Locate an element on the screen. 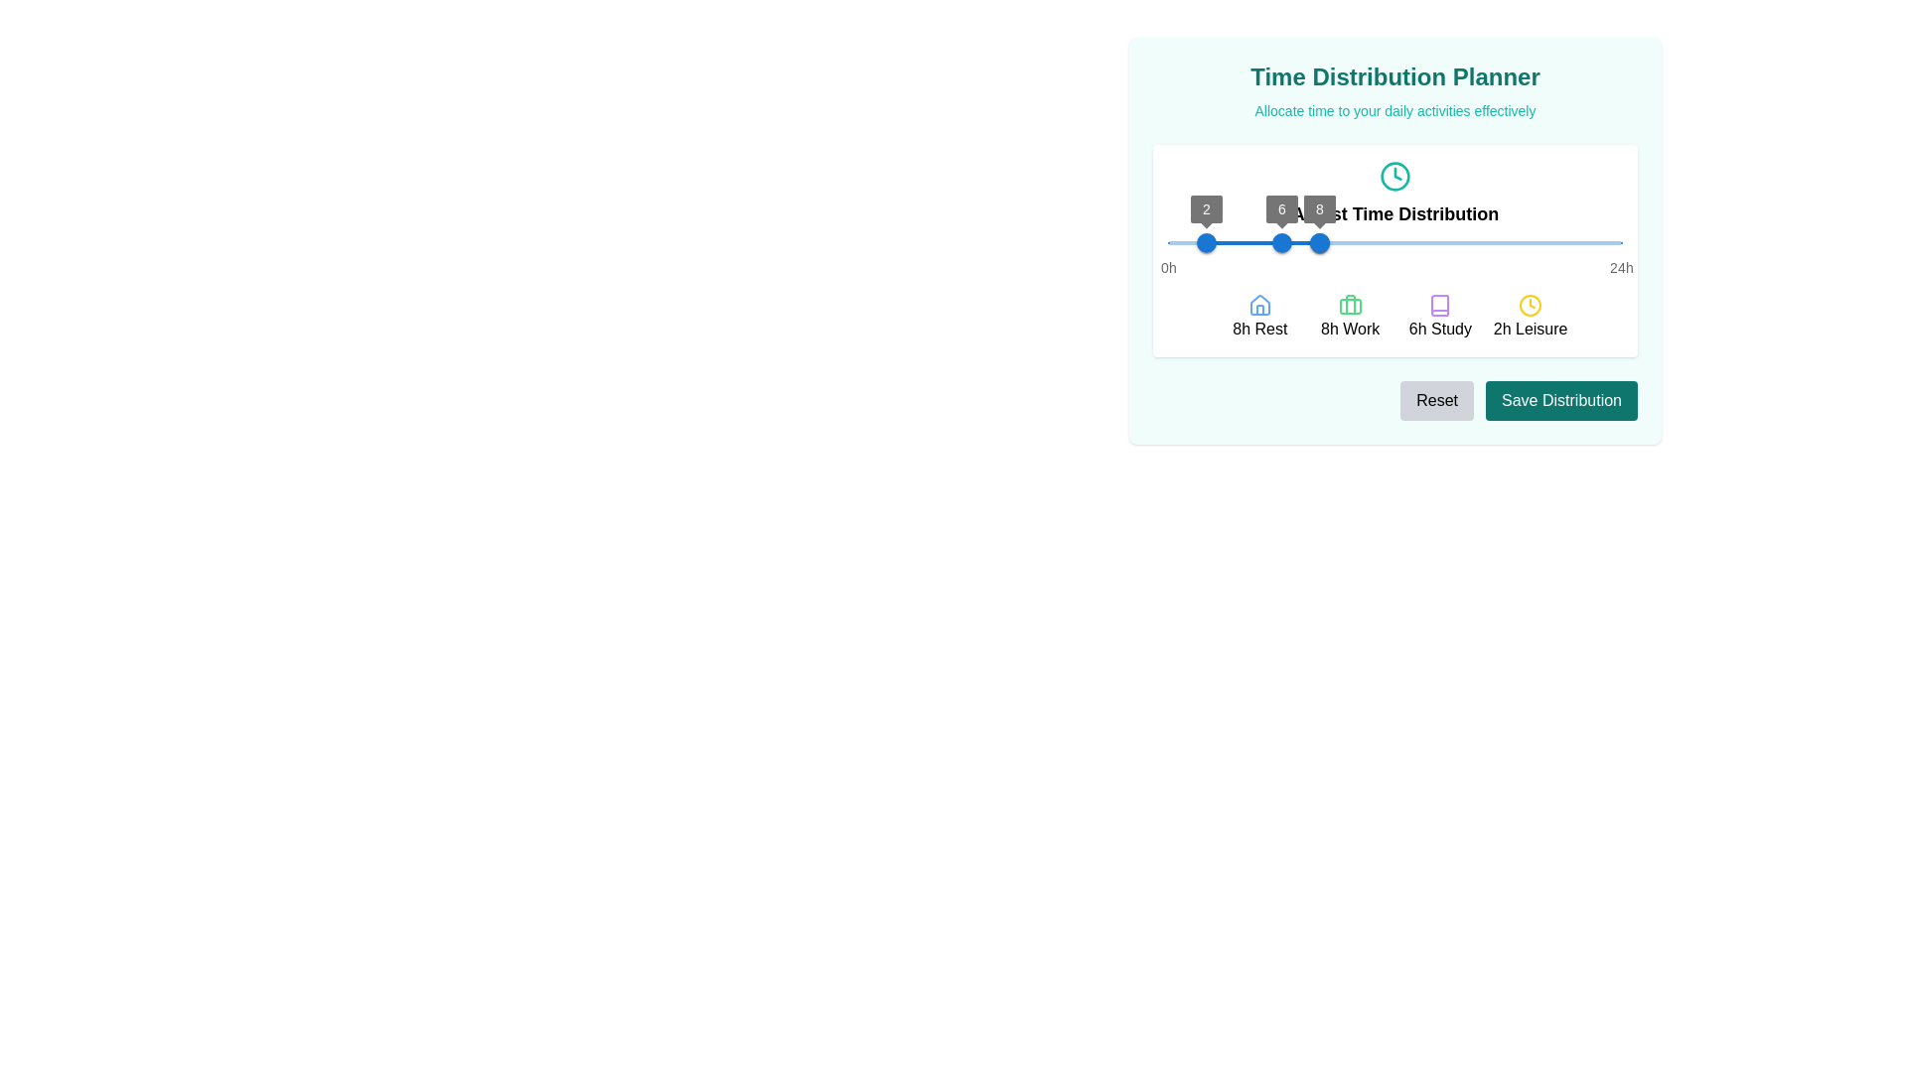 This screenshot has width=1907, height=1072. the 'Leisure' activity icon represented by the label '2h Leisure', which is centrally positioned above the text, to understand its visual representation is located at coordinates (1530, 306).